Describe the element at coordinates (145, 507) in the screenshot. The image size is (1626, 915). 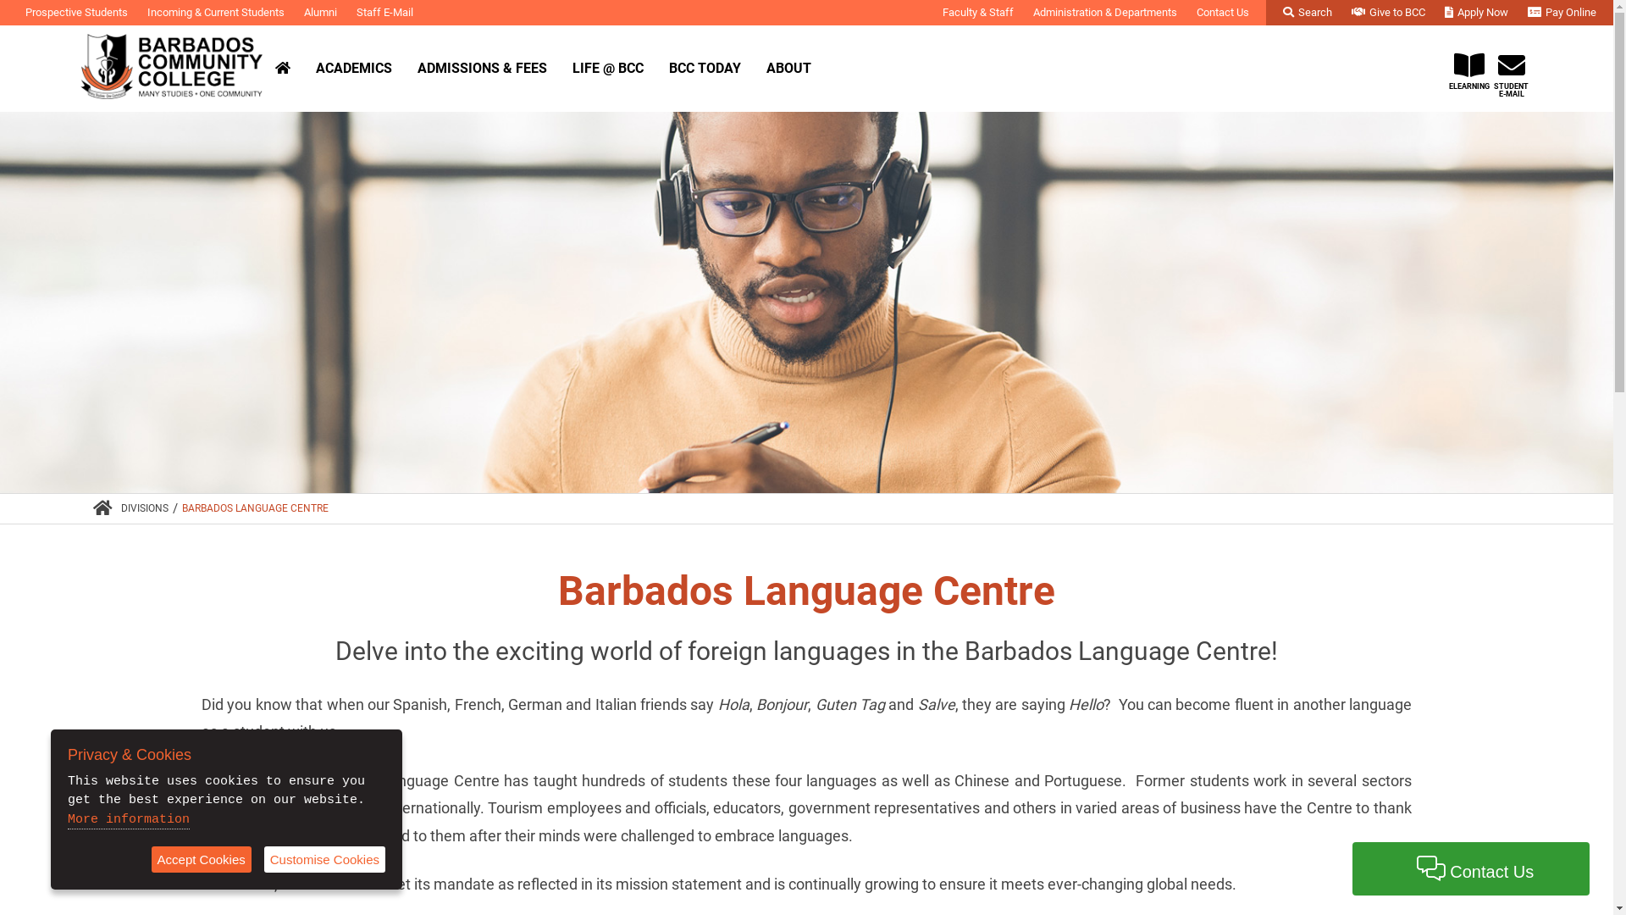
I see `'DIVISIONS'` at that location.